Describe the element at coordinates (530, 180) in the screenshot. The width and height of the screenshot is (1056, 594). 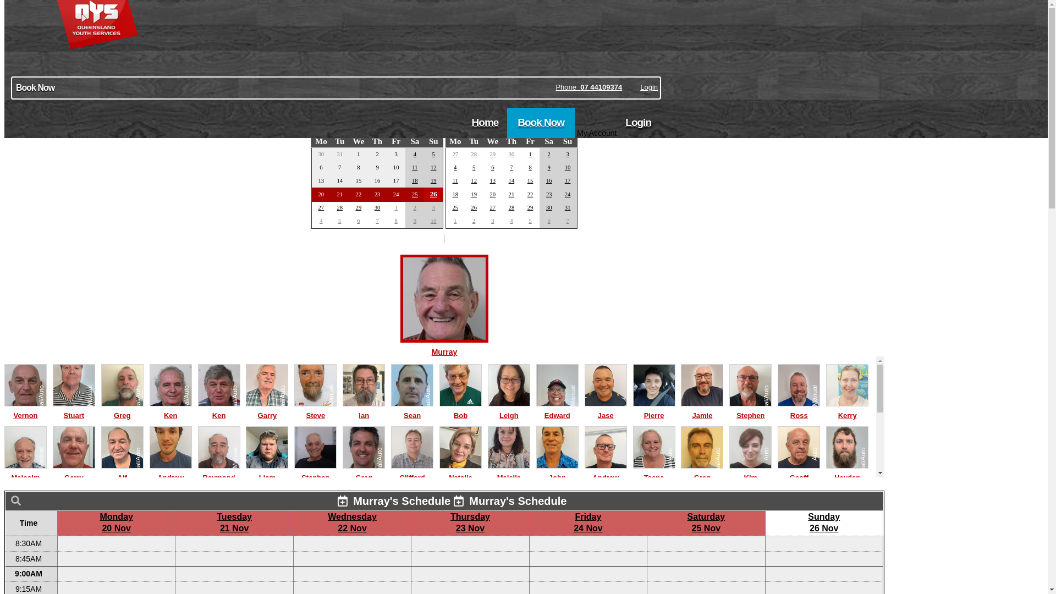
I see `'15'` at that location.